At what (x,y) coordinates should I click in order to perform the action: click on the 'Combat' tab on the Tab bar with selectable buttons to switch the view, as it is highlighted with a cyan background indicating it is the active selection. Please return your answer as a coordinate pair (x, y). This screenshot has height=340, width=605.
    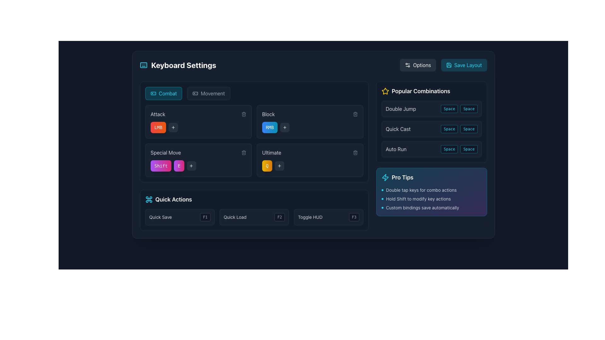
    Looking at the image, I should click on (254, 93).